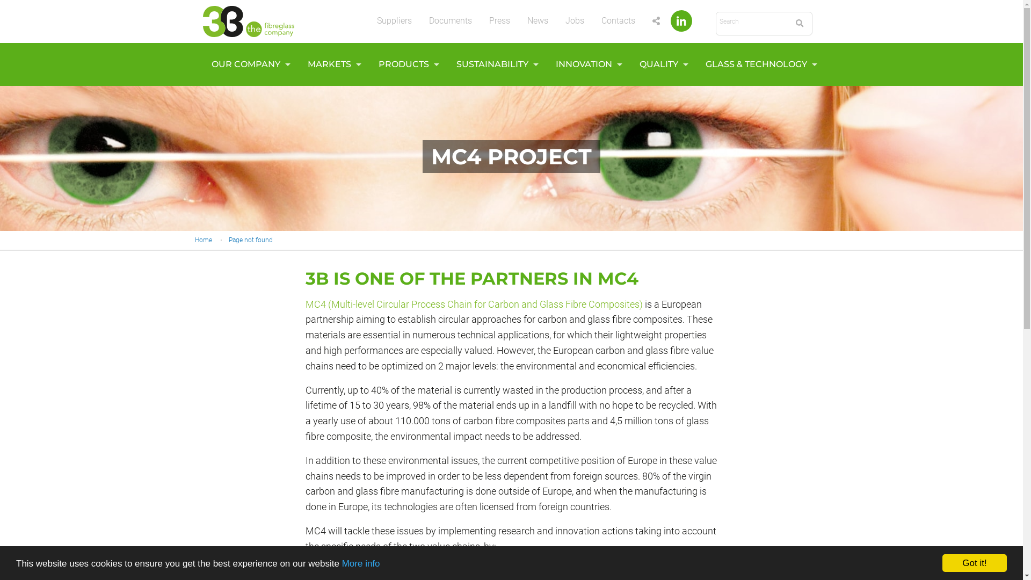 The width and height of the screenshot is (1031, 580). What do you see at coordinates (573, 20) in the screenshot?
I see `'Jobs'` at bounding box center [573, 20].